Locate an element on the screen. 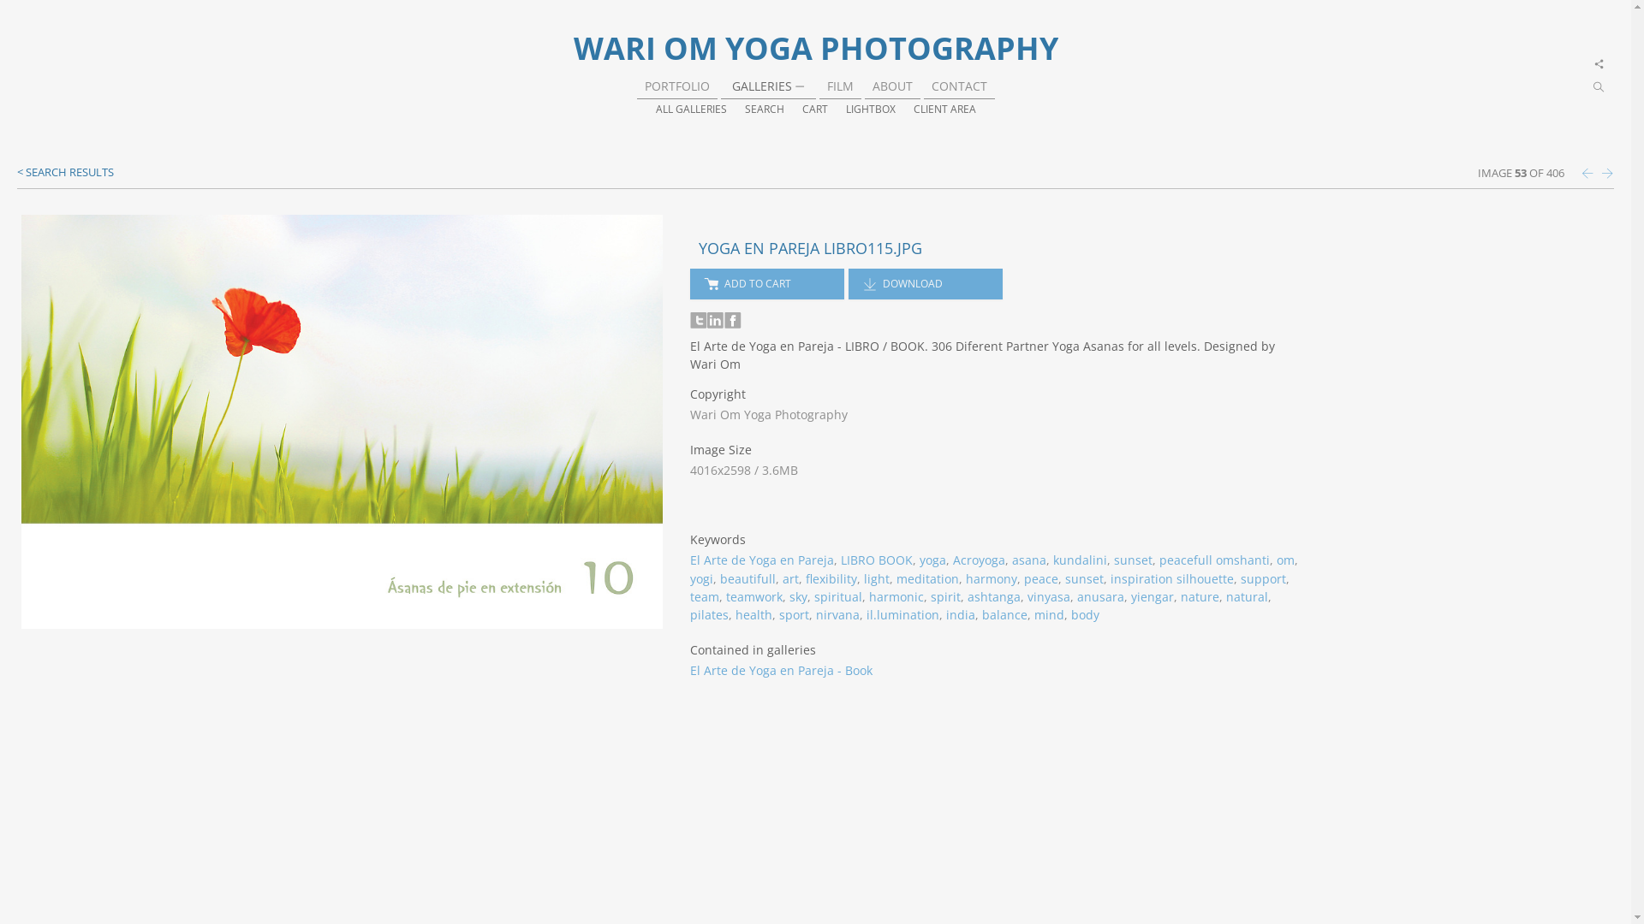  'teamwork' is located at coordinates (753, 595).